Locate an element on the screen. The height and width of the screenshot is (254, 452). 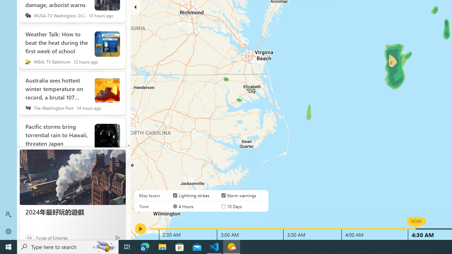
'Microsoft Edge' is located at coordinates (145, 246).